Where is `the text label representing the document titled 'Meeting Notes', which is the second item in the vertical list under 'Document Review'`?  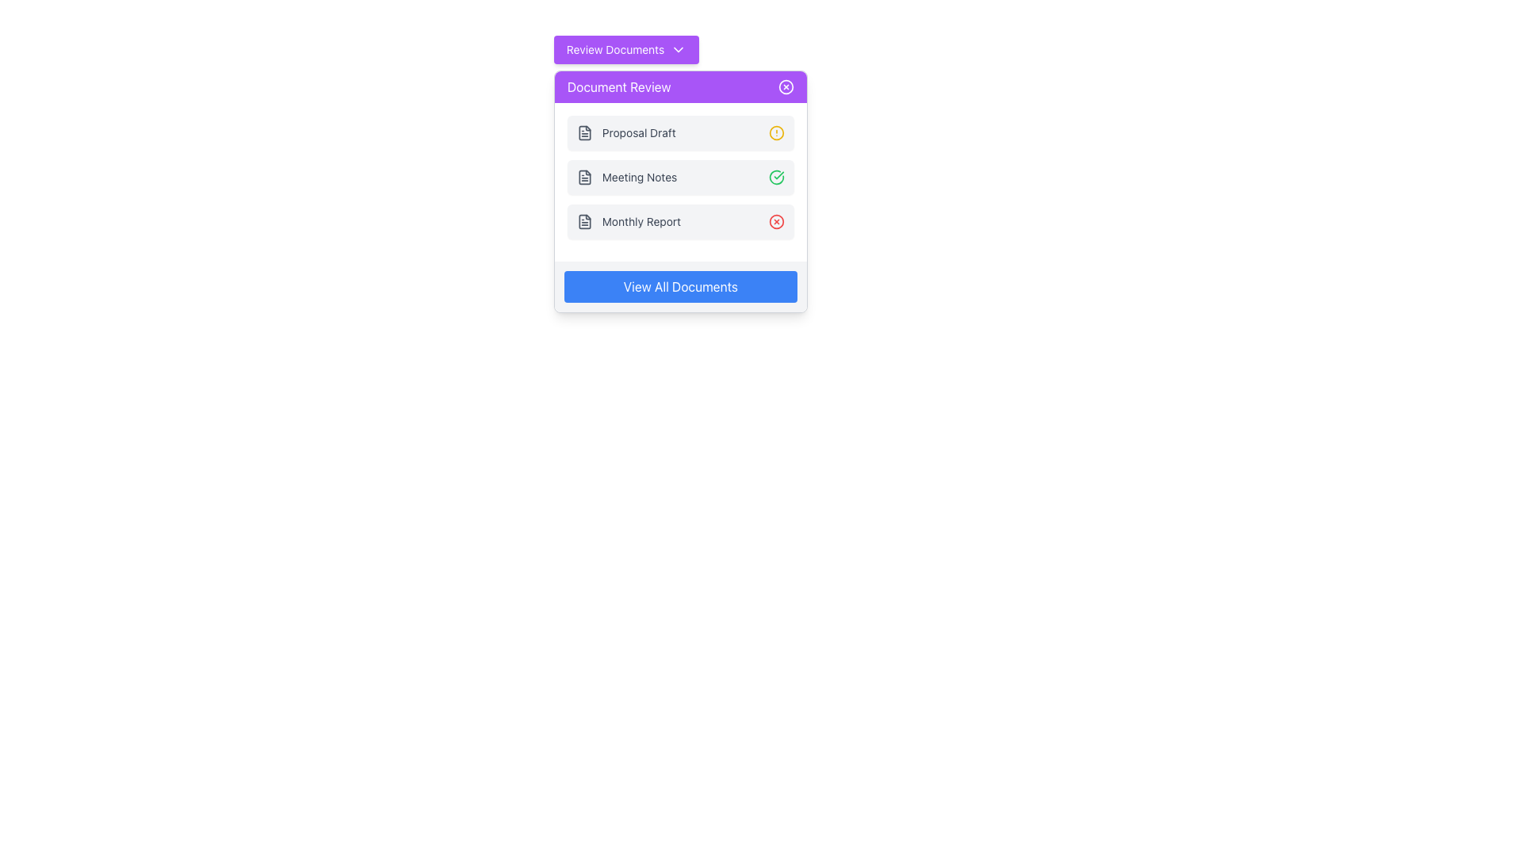
the text label representing the document titled 'Meeting Notes', which is the second item in the vertical list under 'Document Review' is located at coordinates (626, 177).